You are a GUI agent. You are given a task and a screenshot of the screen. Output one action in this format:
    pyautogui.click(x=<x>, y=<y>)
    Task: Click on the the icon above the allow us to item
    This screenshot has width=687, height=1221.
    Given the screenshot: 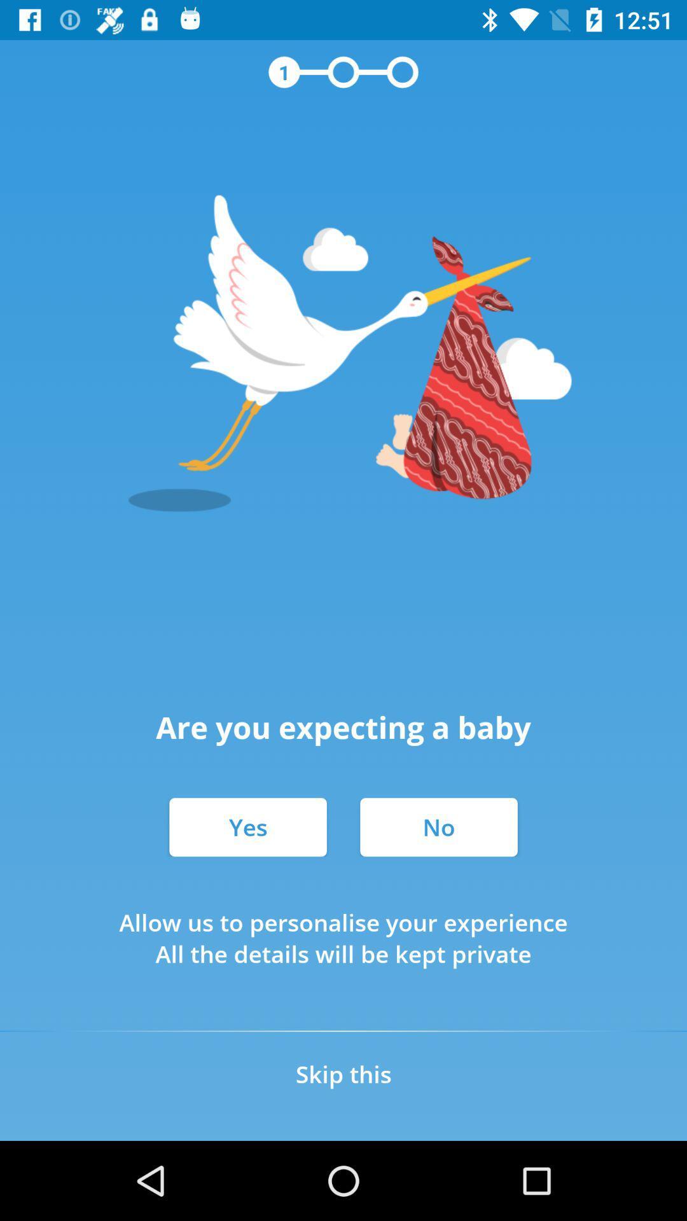 What is the action you would take?
    pyautogui.click(x=247, y=827)
    